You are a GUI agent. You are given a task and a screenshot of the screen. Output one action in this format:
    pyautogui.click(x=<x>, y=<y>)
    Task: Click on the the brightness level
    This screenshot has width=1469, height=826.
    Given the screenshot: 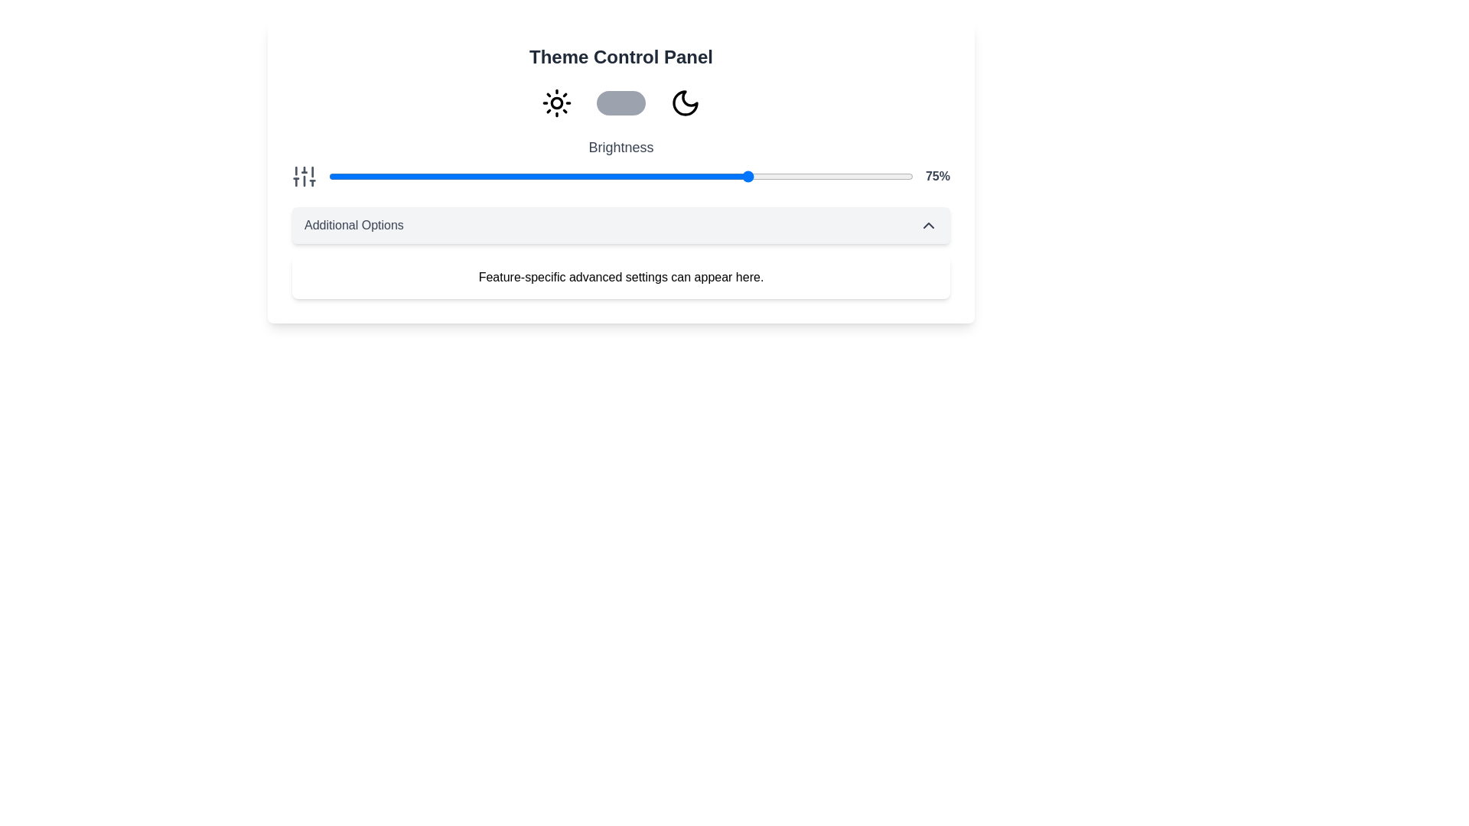 What is the action you would take?
    pyautogui.click(x=347, y=176)
    